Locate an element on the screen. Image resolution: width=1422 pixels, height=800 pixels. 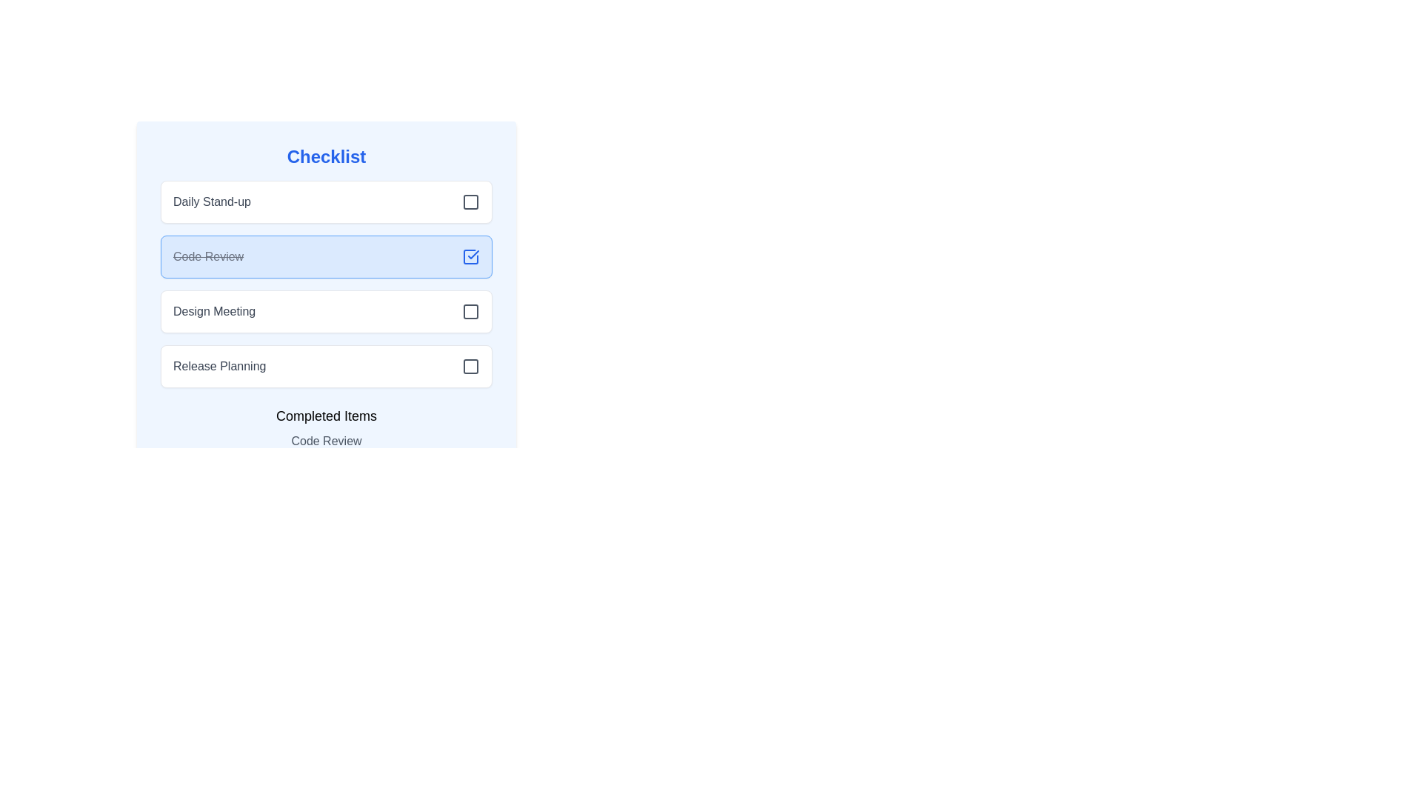
the checkbox icon for the 'Daily Stand-up' task in the Checklist section is located at coordinates (470, 202).